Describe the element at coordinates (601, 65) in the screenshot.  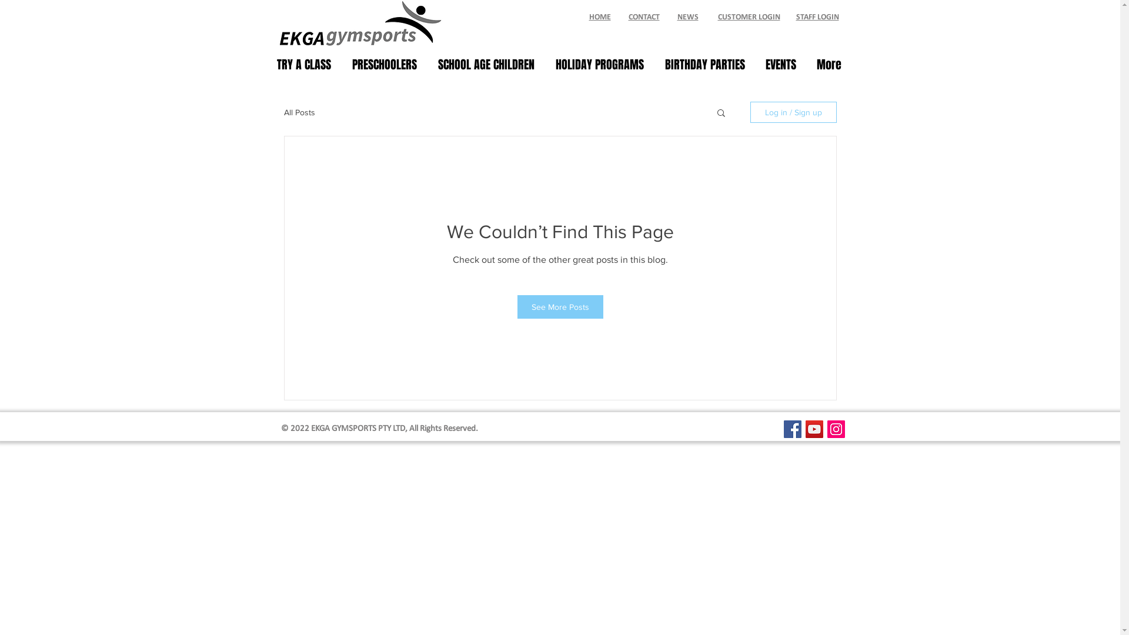
I see `'HOLIDAY PROGRAMS'` at that location.